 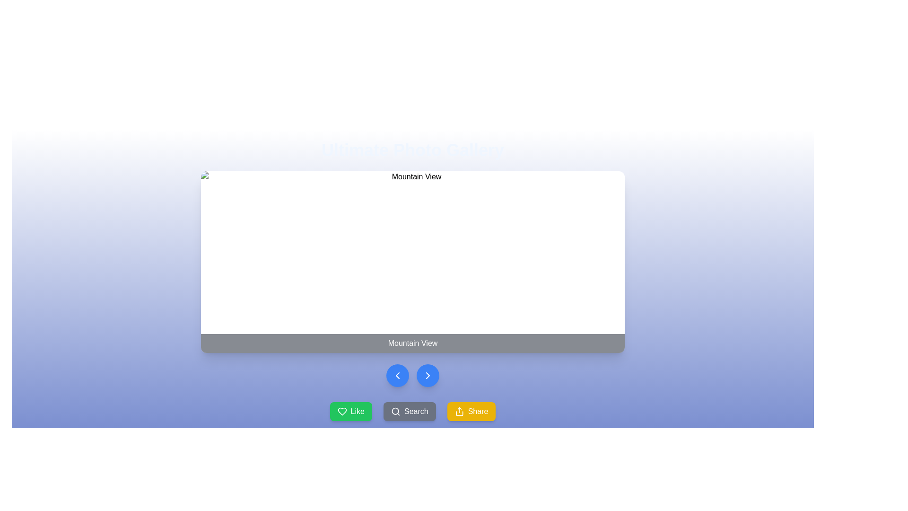 I want to click on the leftmost green button labeled 'Like' to express positive feedback or preference for the associated content, so click(x=341, y=411).